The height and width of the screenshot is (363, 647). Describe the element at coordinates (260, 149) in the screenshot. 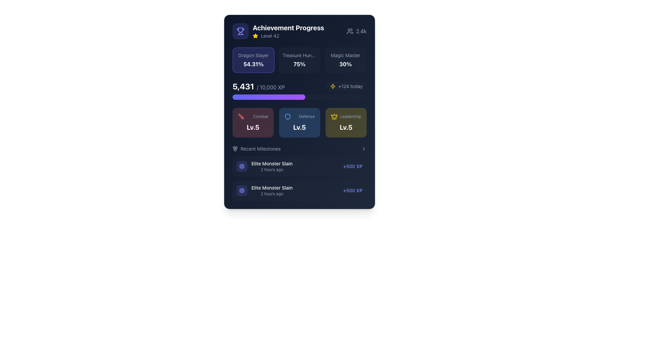

I see `the Text label that serves as a title for the 'Recent Milestones' section, located to the right of the medal icon in the middle-lower part of the interface card` at that location.